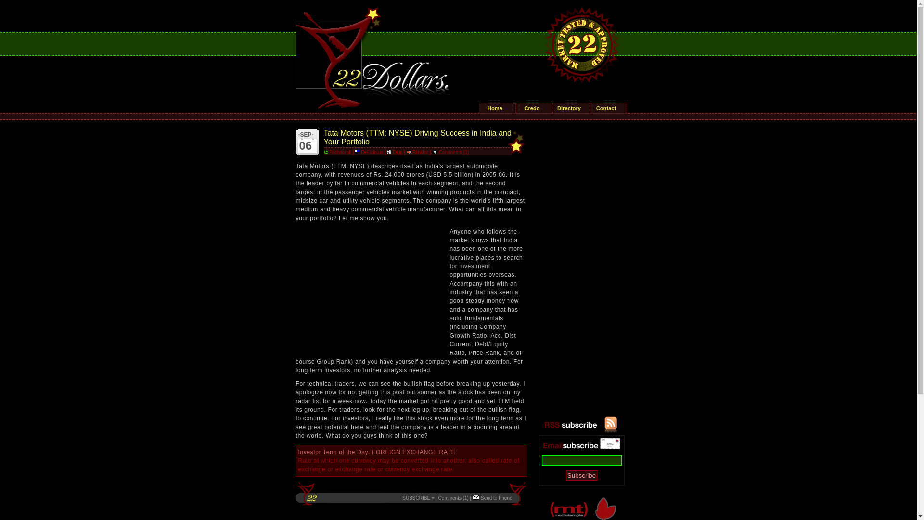 The width and height of the screenshot is (924, 520). What do you see at coordinates (367, 287) in the screenshot?
I see `'Advertisement'` at bounding box center [367, 287].